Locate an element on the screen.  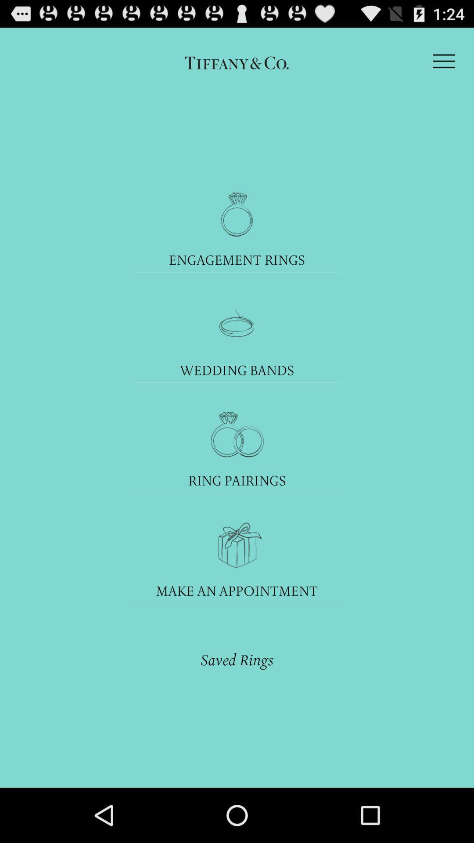
item above the ring pairings is located at coordinates (237, 434).